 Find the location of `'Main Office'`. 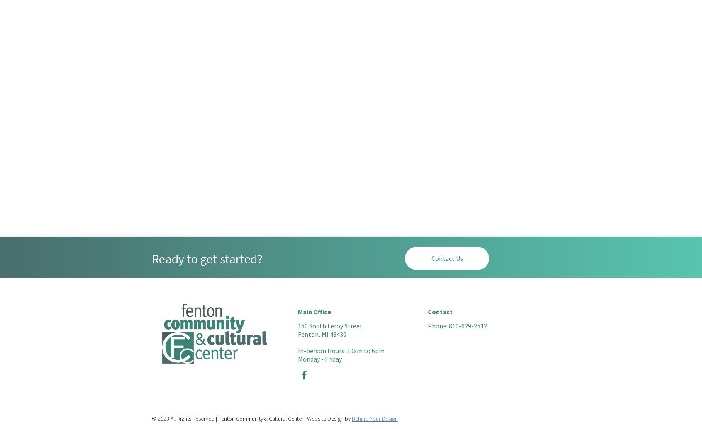

'Main Office' is located at coordinates (314, 311).